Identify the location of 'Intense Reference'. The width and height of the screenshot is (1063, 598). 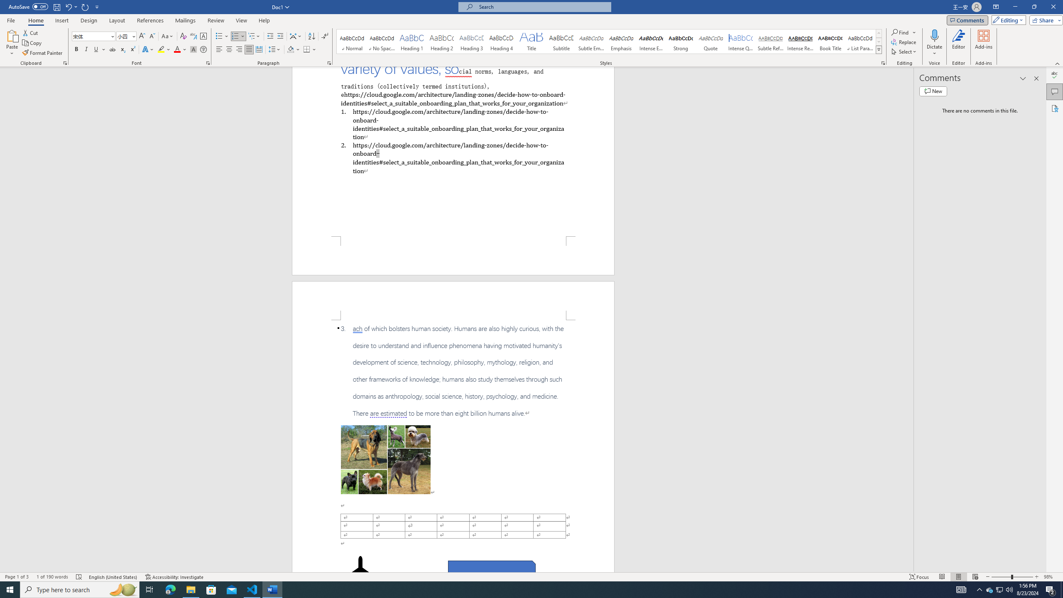
(800, 41).